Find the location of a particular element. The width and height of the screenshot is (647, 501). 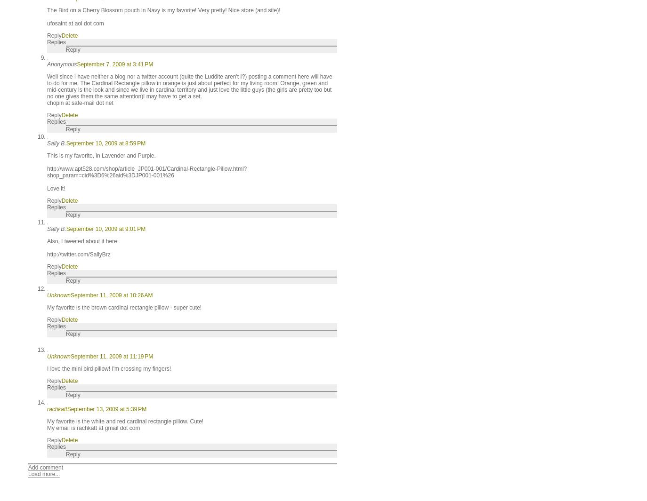

'My favorite is the white and red cardinal rectangle pillow. Cute!' is located at coordinates (125, 421).